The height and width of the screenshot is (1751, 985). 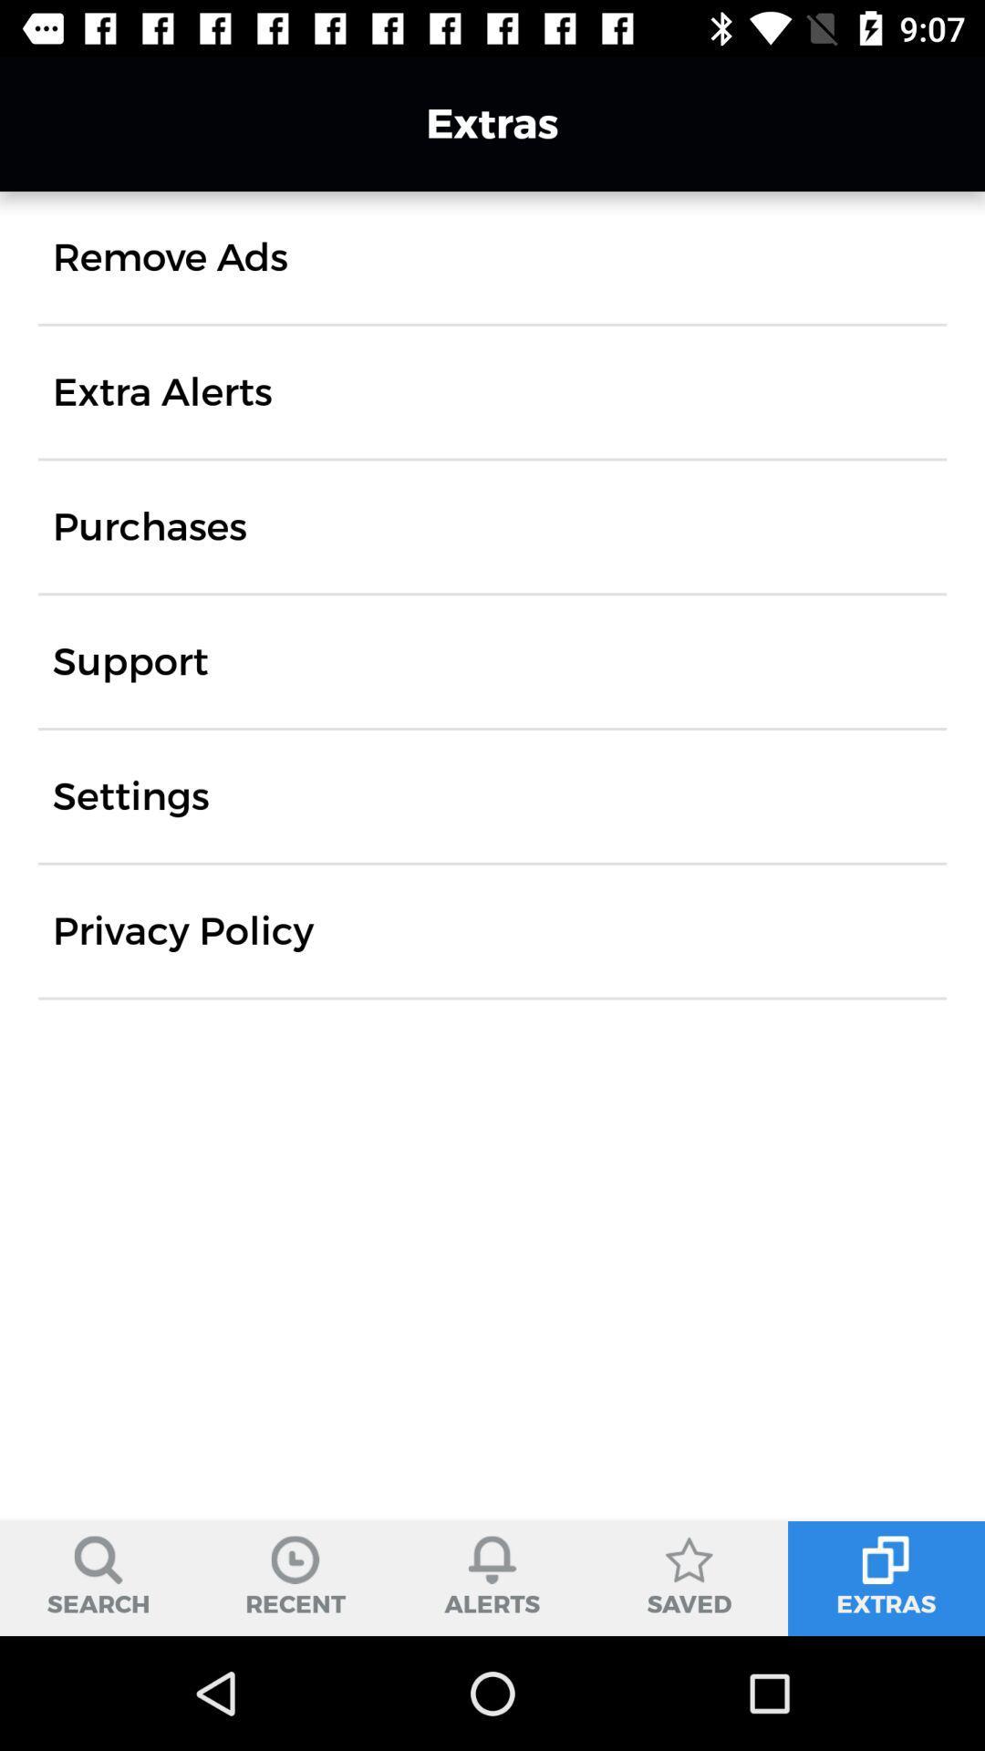 I want to click on item above extra alerts item, so click(x=170, y=256).